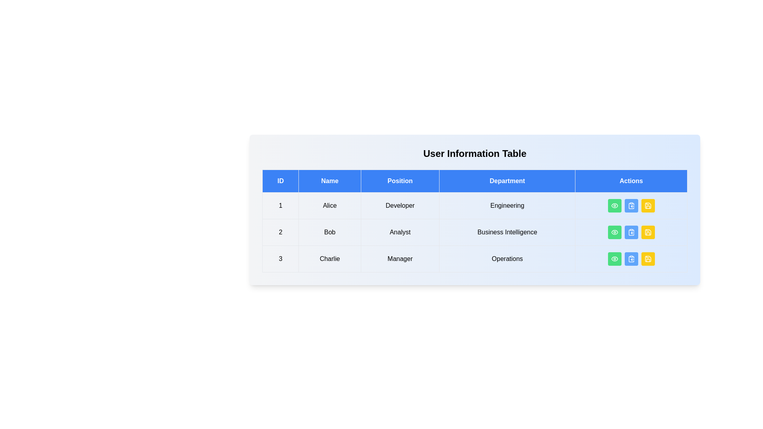 Image resolution: width=763 pixels, height=429 pixels. What do you see at coordinates (631, 259) in the screenshot?
I see `the copy button for the user with ID 3` at bounding box center [631, 259].